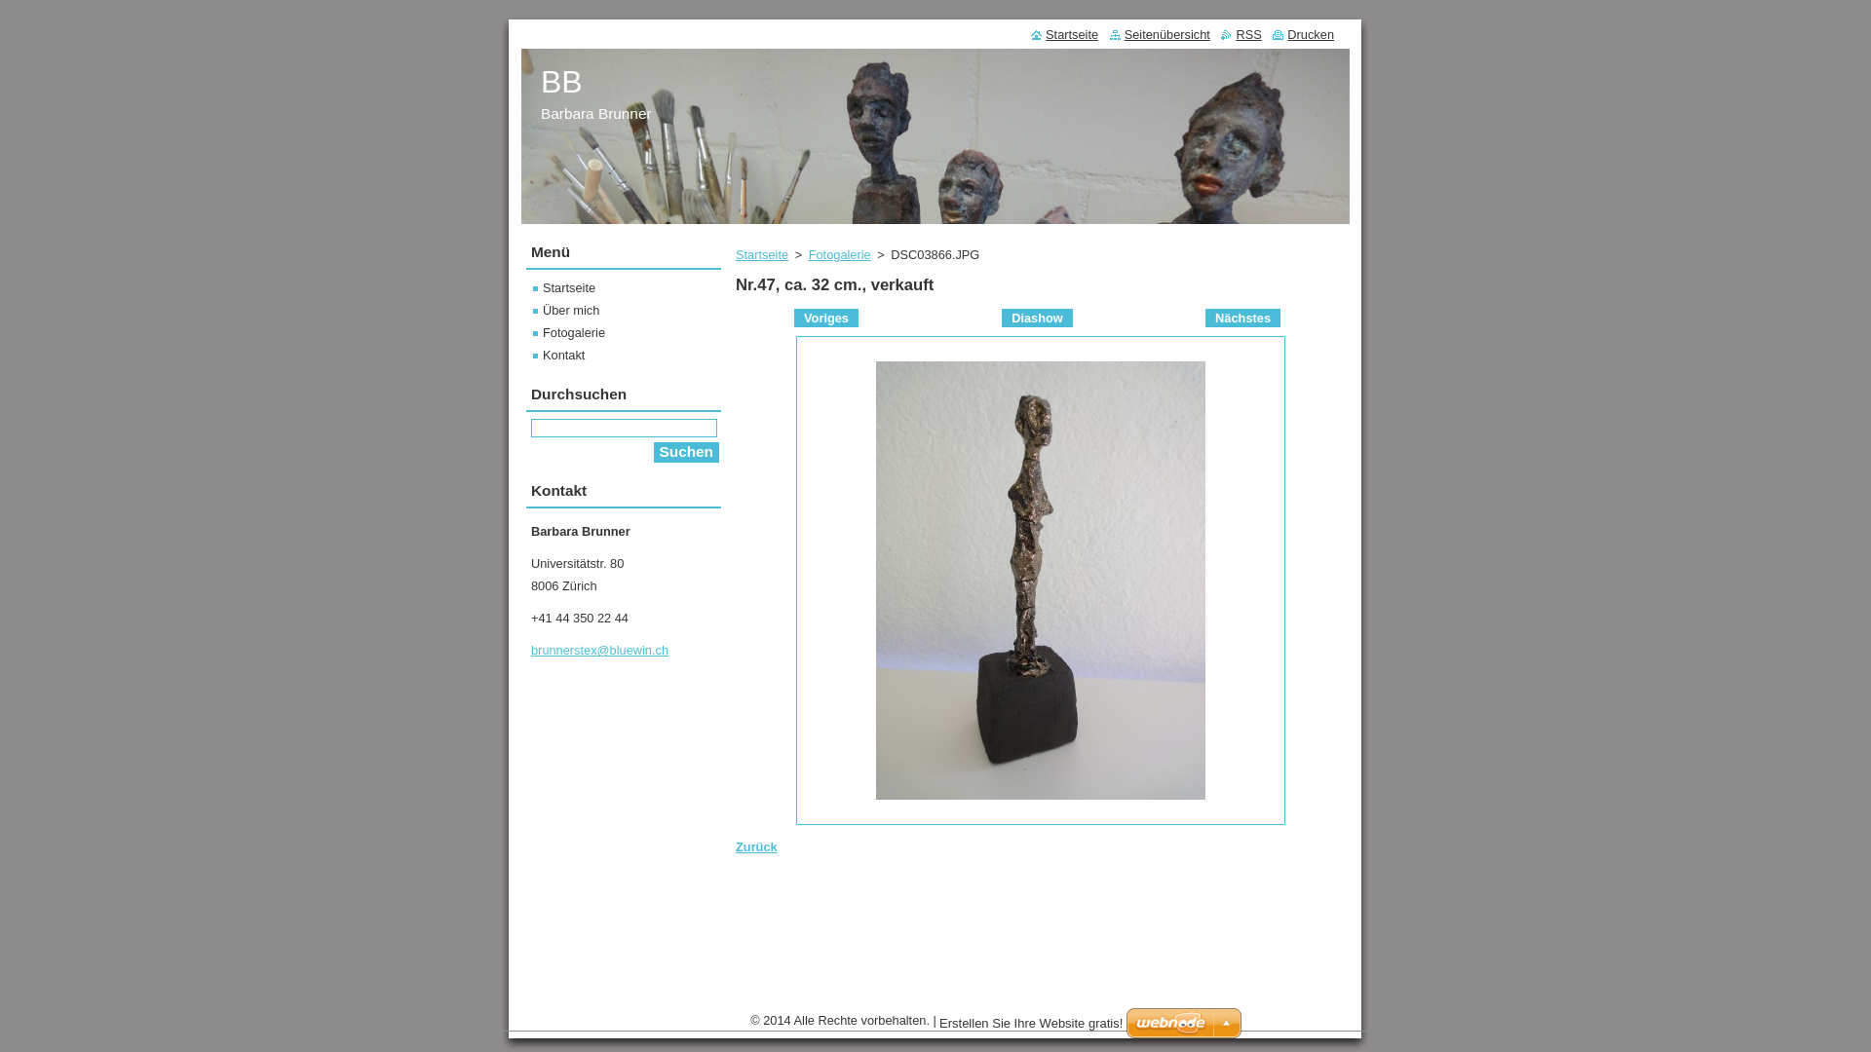 Image resolution: width=1871 pixels, height=1052 pixels. I want to click on 'Suchen', so click(686, 452).